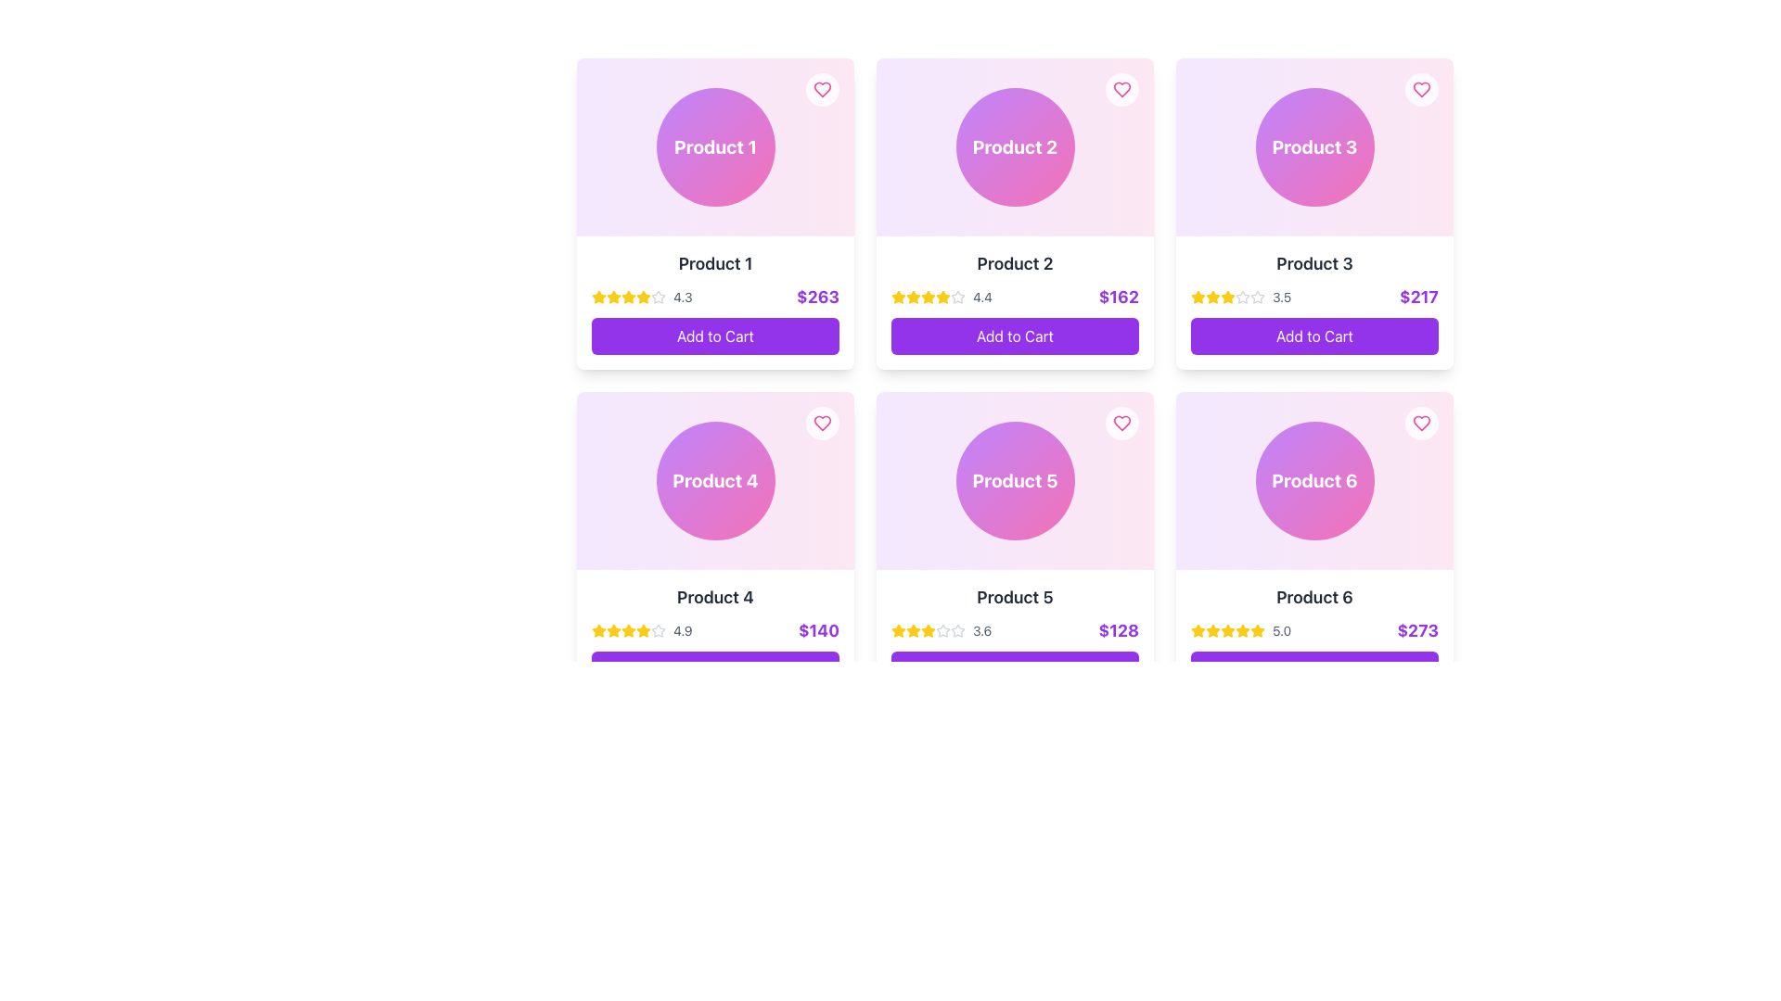 This screenshot has height=1001, width=1781. What do you see at coordinates (1121, 423) in the screenshot?
I see `the small circular button with a pink heart icon located in the upper-right corner of the 'Product 5' card` at bounding box center [1121, 423].